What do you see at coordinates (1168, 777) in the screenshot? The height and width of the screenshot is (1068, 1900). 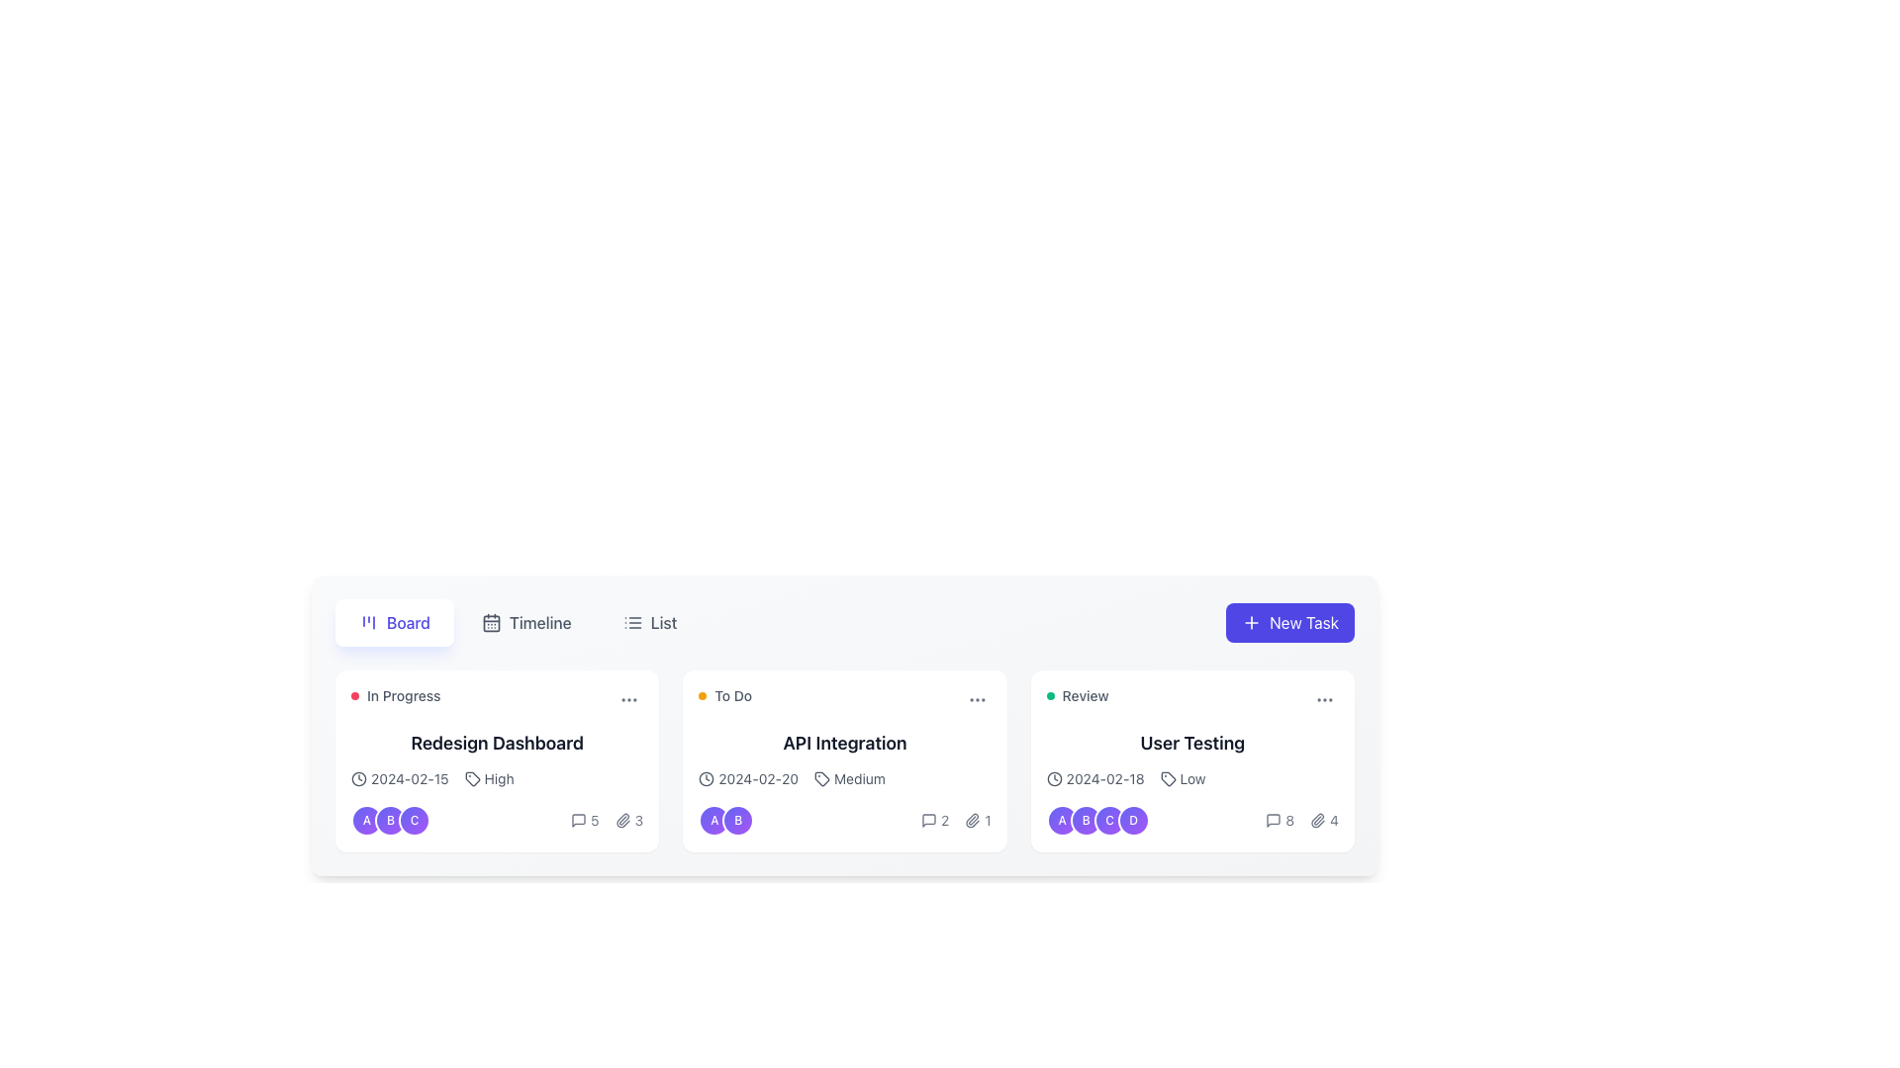 I see `the priority icon located in the 'Review' card labeled 'User Testing', positioned below the '2024-02-18' date text and next to the 'Low' text for tooltip or further details` at bounding box center [1168, 777].